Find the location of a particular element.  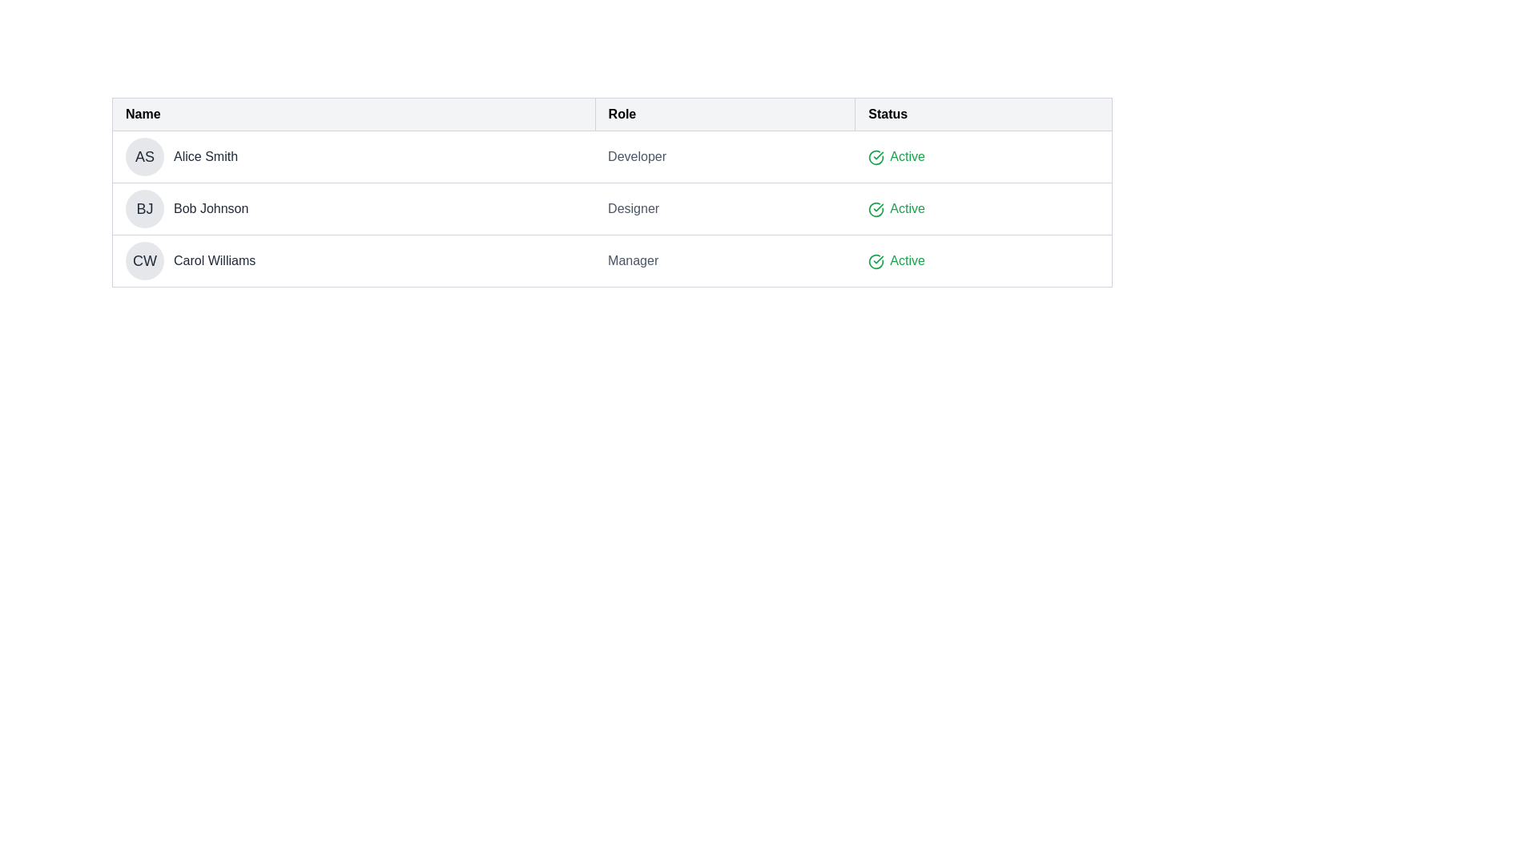

the circular avatar containing the initials 'AS', which is part of the first row in the user information table, located to the left of the text 'Alice Smith' is located at coordinates (145, 157).